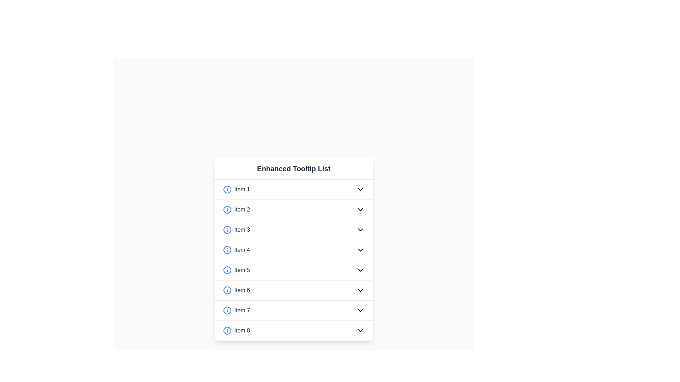 This screenshot has height=382, width=680. What do you see at coordinates (294, 270) in the screenshot?
I see `the list item labeled 'Item 5'` at bounding box center [294, 270].